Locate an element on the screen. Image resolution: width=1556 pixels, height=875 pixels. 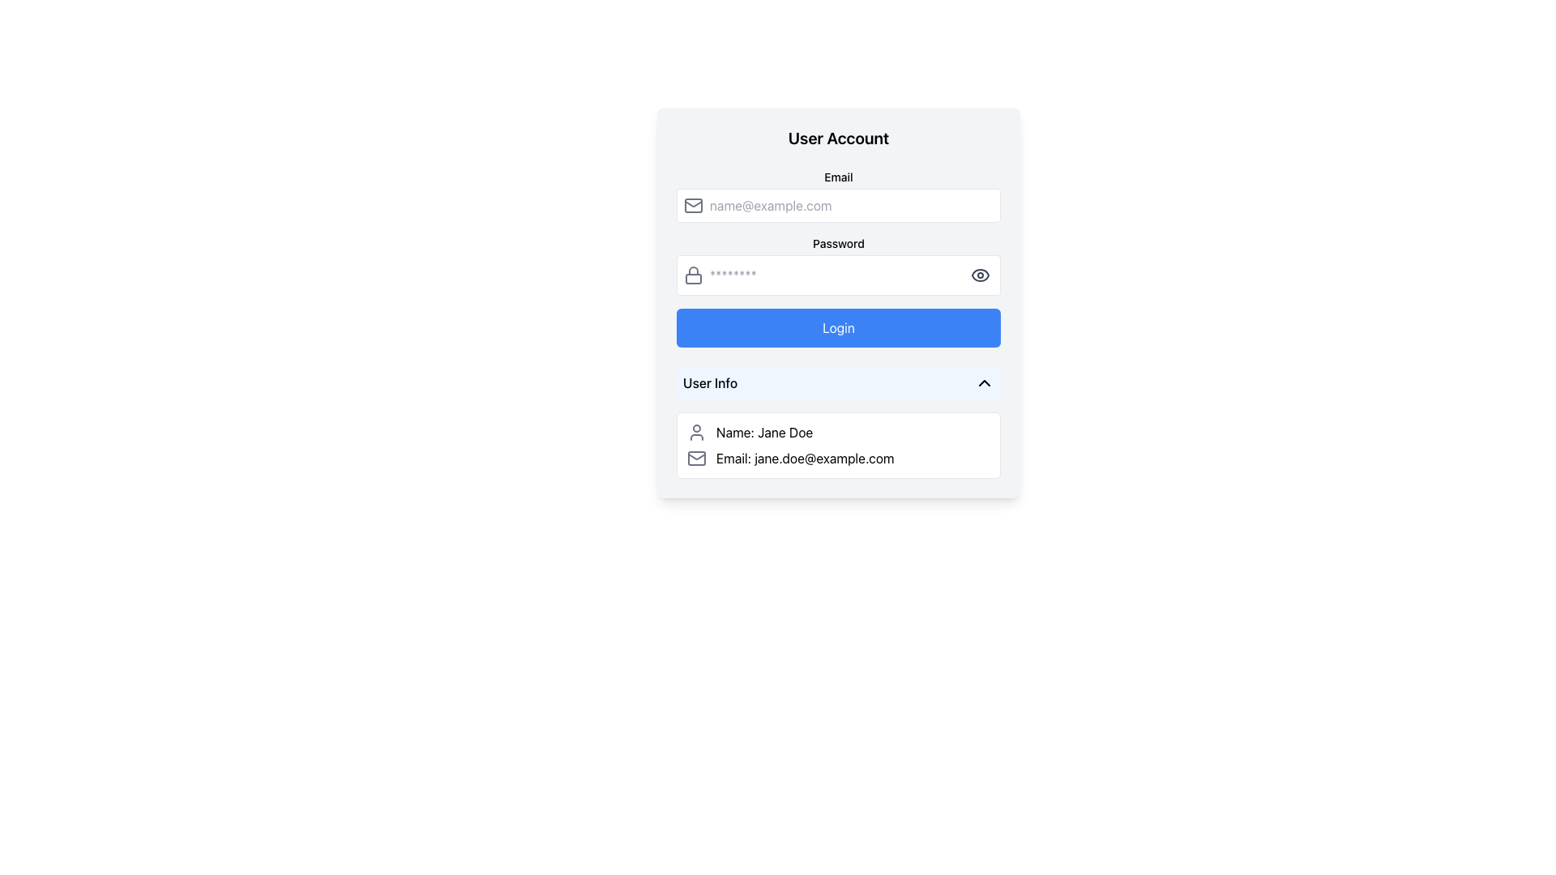
the envelope icon located on the leftmost side of the email input field, adjacent to the placeholder text 'name@example.com' is located at coordinates (693, 205).